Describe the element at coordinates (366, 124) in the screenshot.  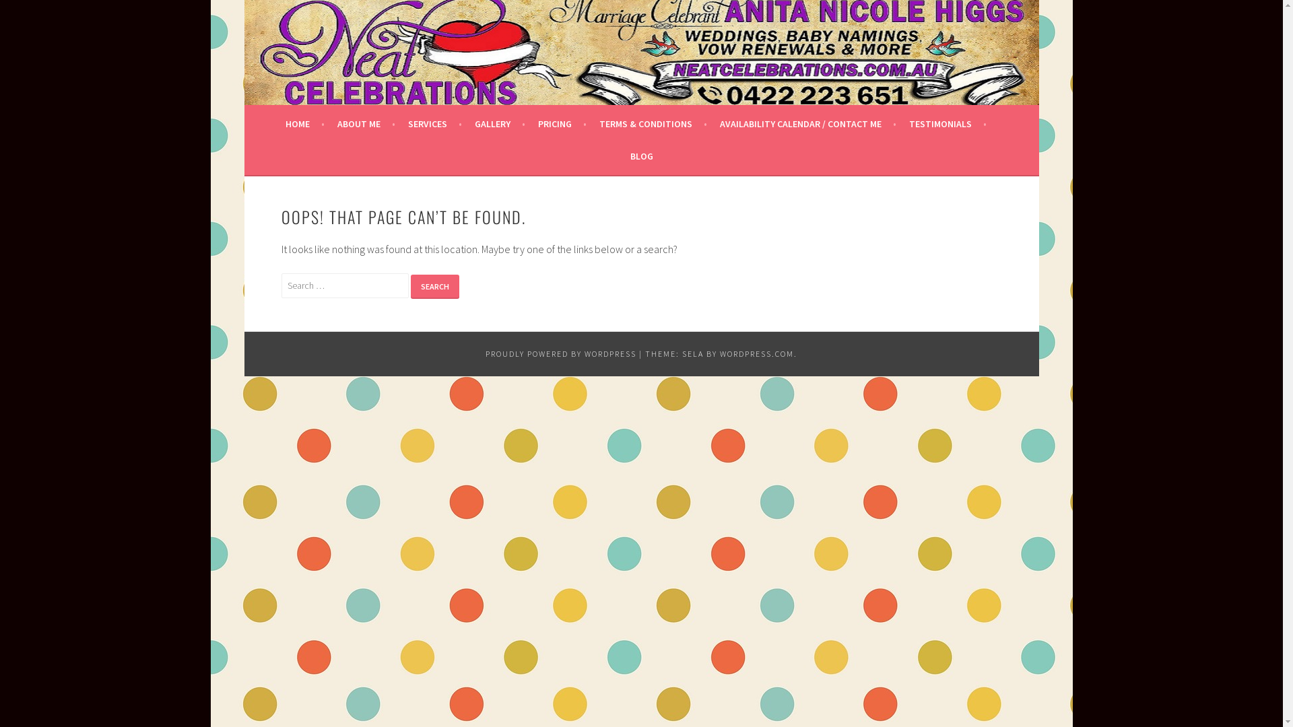
I see `'ABOUT ME'` at that location.